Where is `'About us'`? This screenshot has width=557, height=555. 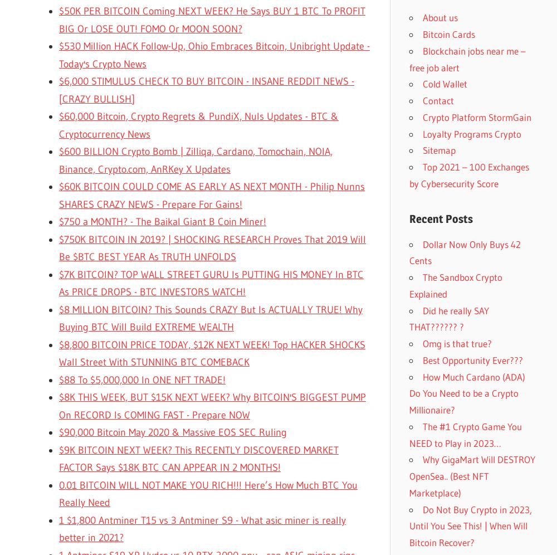 'About us' is located at coordinates (440, 17).